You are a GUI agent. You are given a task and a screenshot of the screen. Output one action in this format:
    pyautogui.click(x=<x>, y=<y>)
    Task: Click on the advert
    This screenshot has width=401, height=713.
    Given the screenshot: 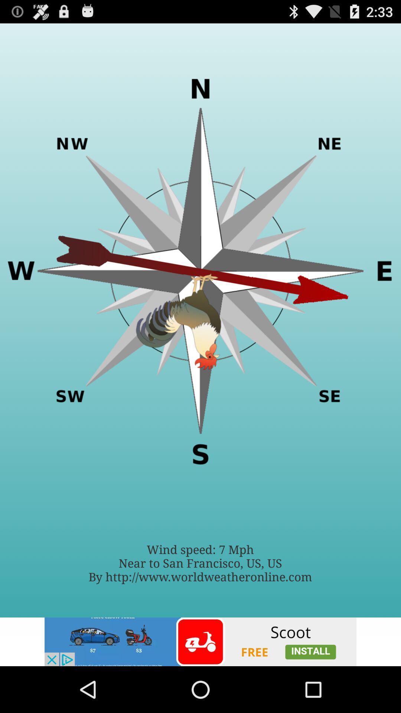 What is the action you would take?
    pyautogui.click(x=200, y=641)
    